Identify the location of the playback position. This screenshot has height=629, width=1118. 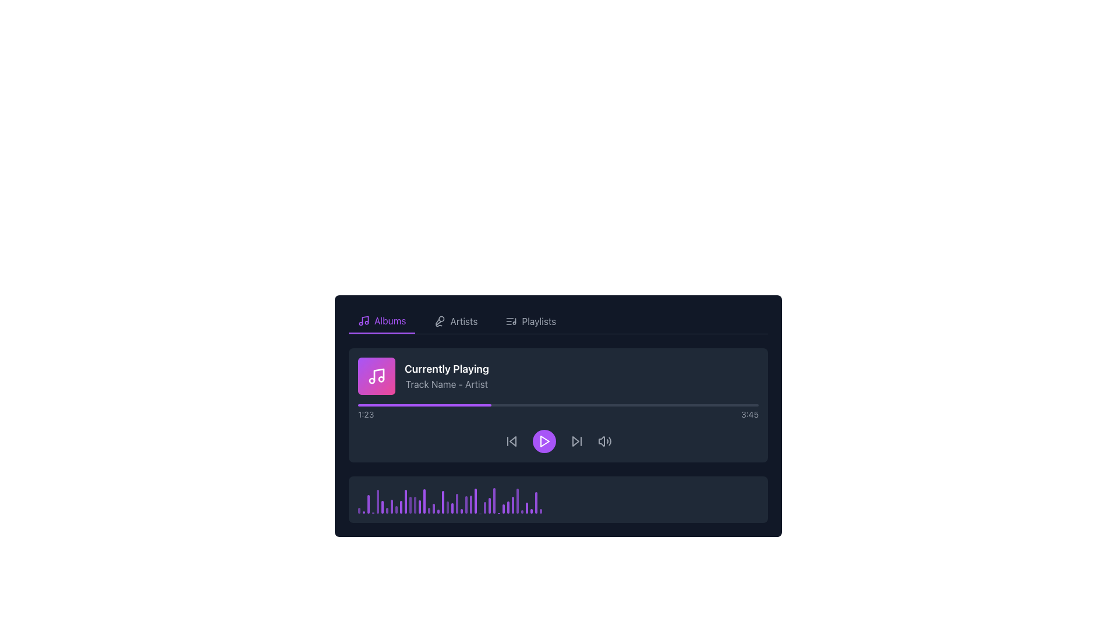
(464, 404).